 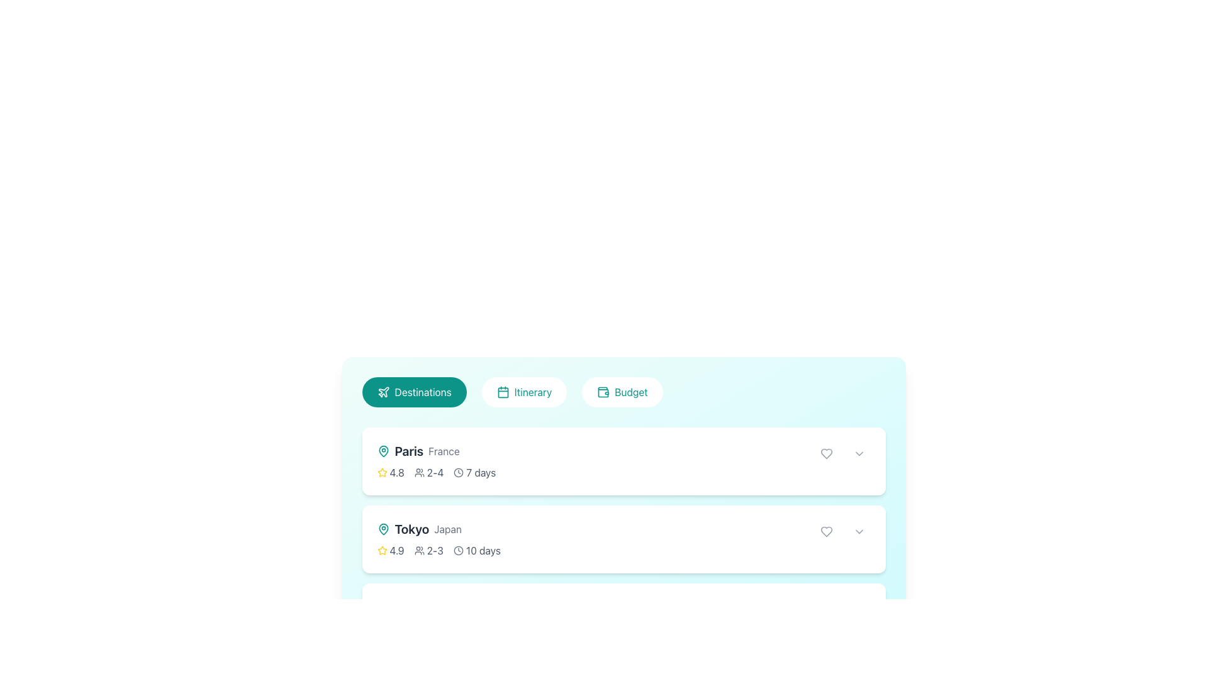 I want to click on the text label displaying '4.9', which is located to the right of the yellow star icon, indicating a rating or score, so click(x=396, y=549).